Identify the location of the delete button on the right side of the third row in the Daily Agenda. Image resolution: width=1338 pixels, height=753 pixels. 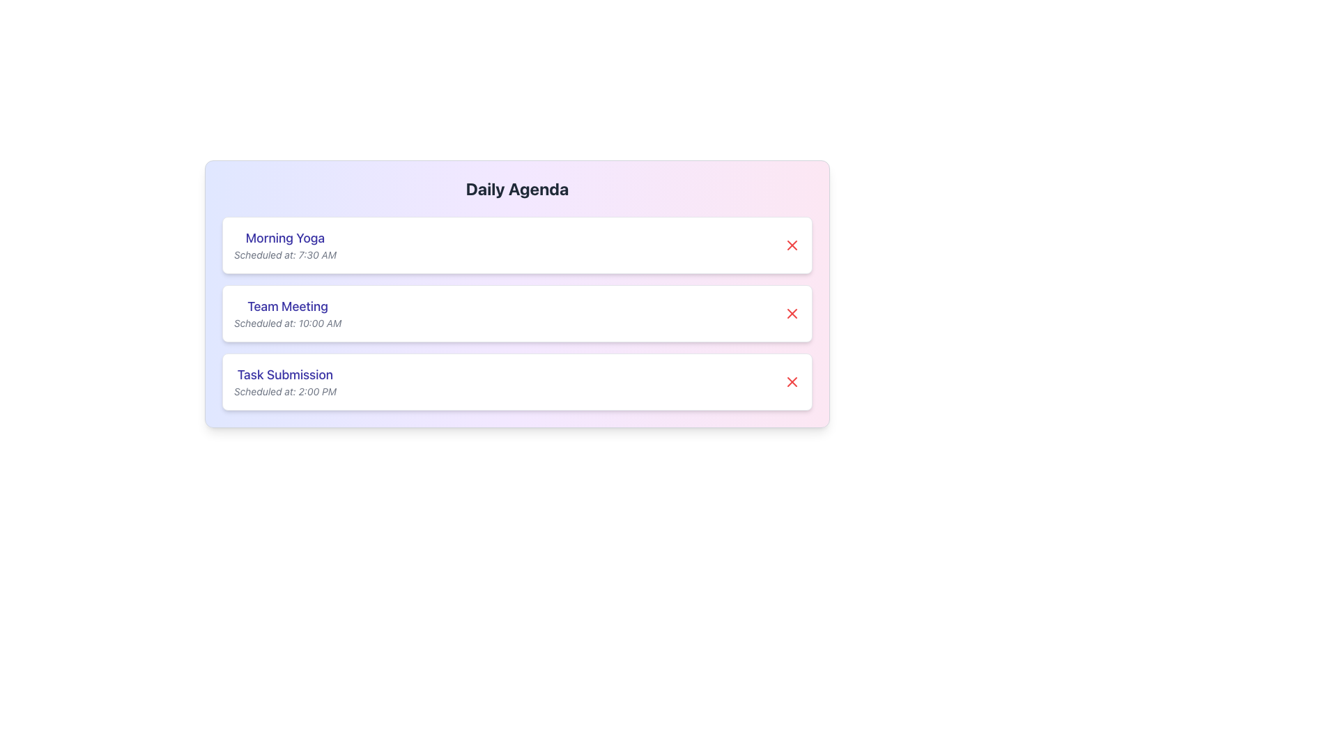
(792, 381).